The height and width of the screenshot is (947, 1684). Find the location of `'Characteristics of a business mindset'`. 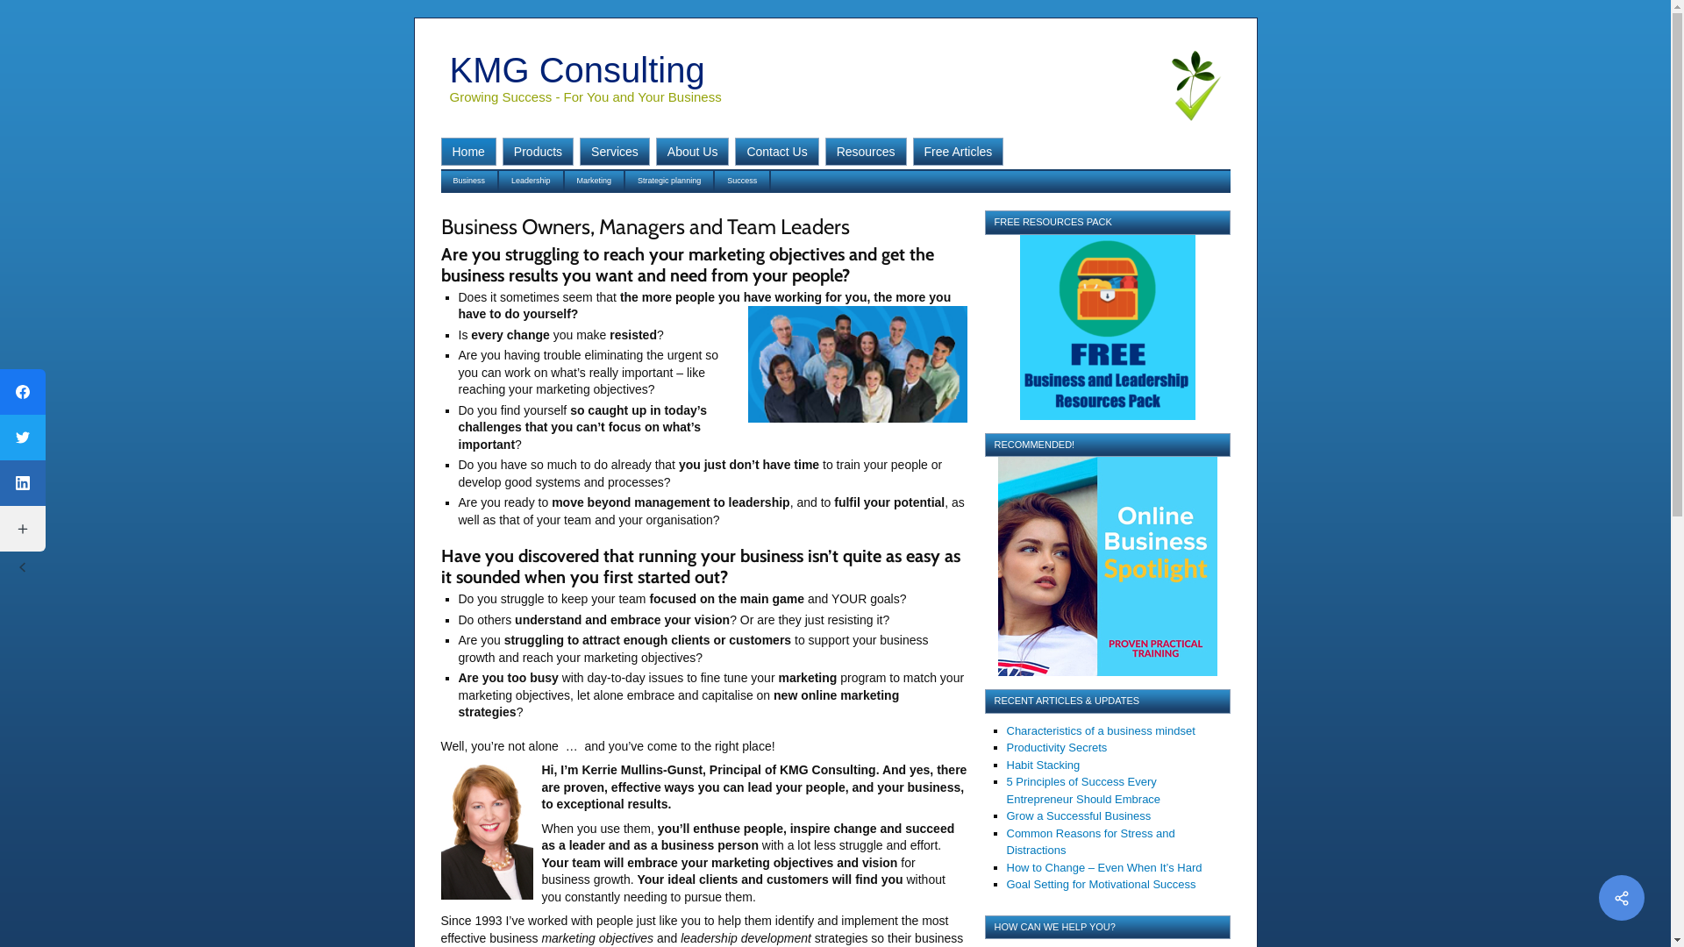

'Characteristics of a business mindset' is located at coordinates (1100, 730).